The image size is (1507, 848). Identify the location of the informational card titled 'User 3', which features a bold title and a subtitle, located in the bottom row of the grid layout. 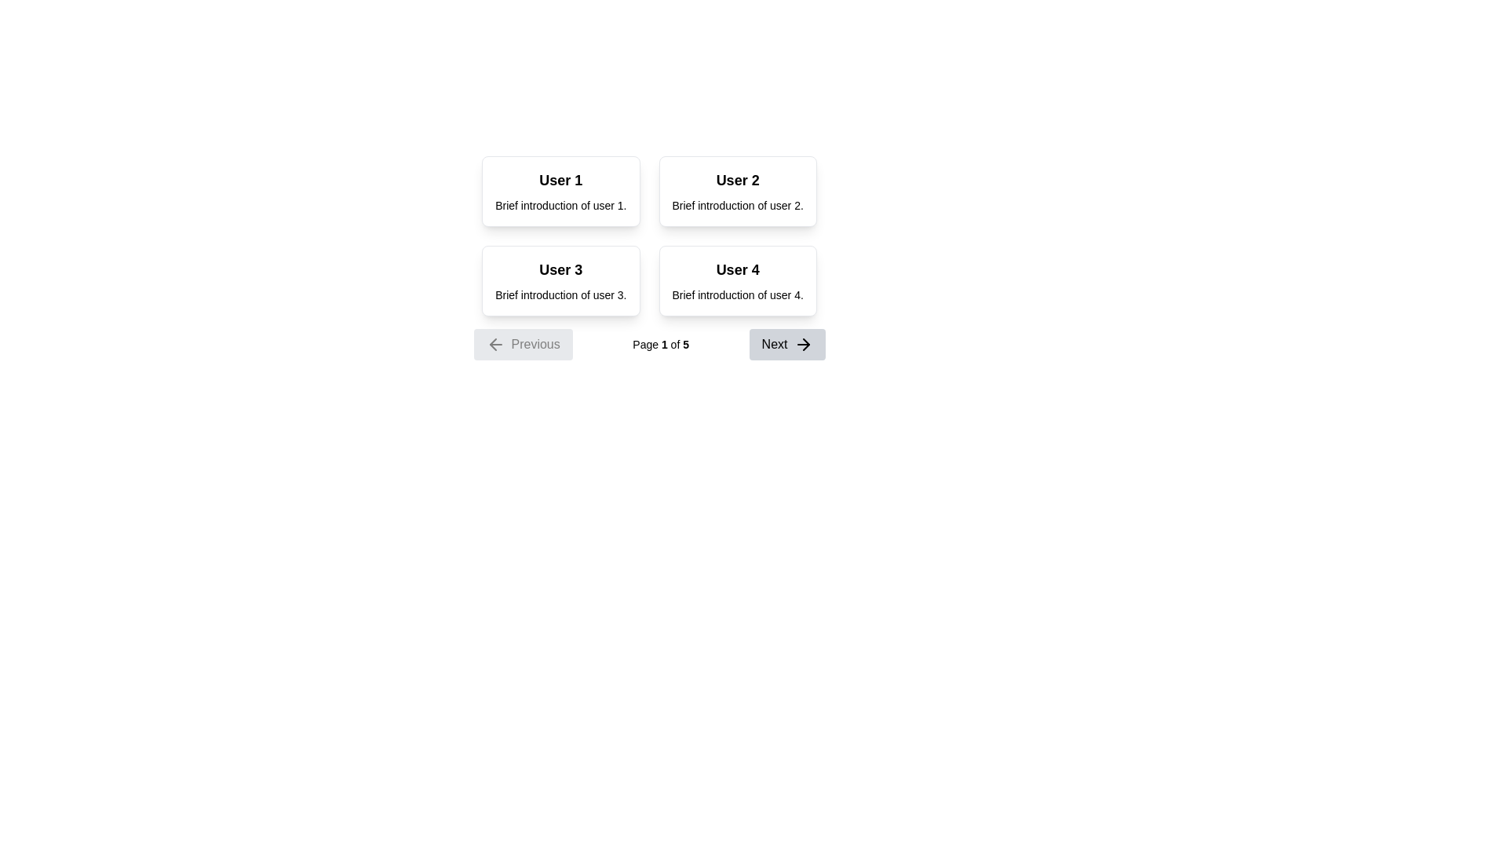
(560, 280).